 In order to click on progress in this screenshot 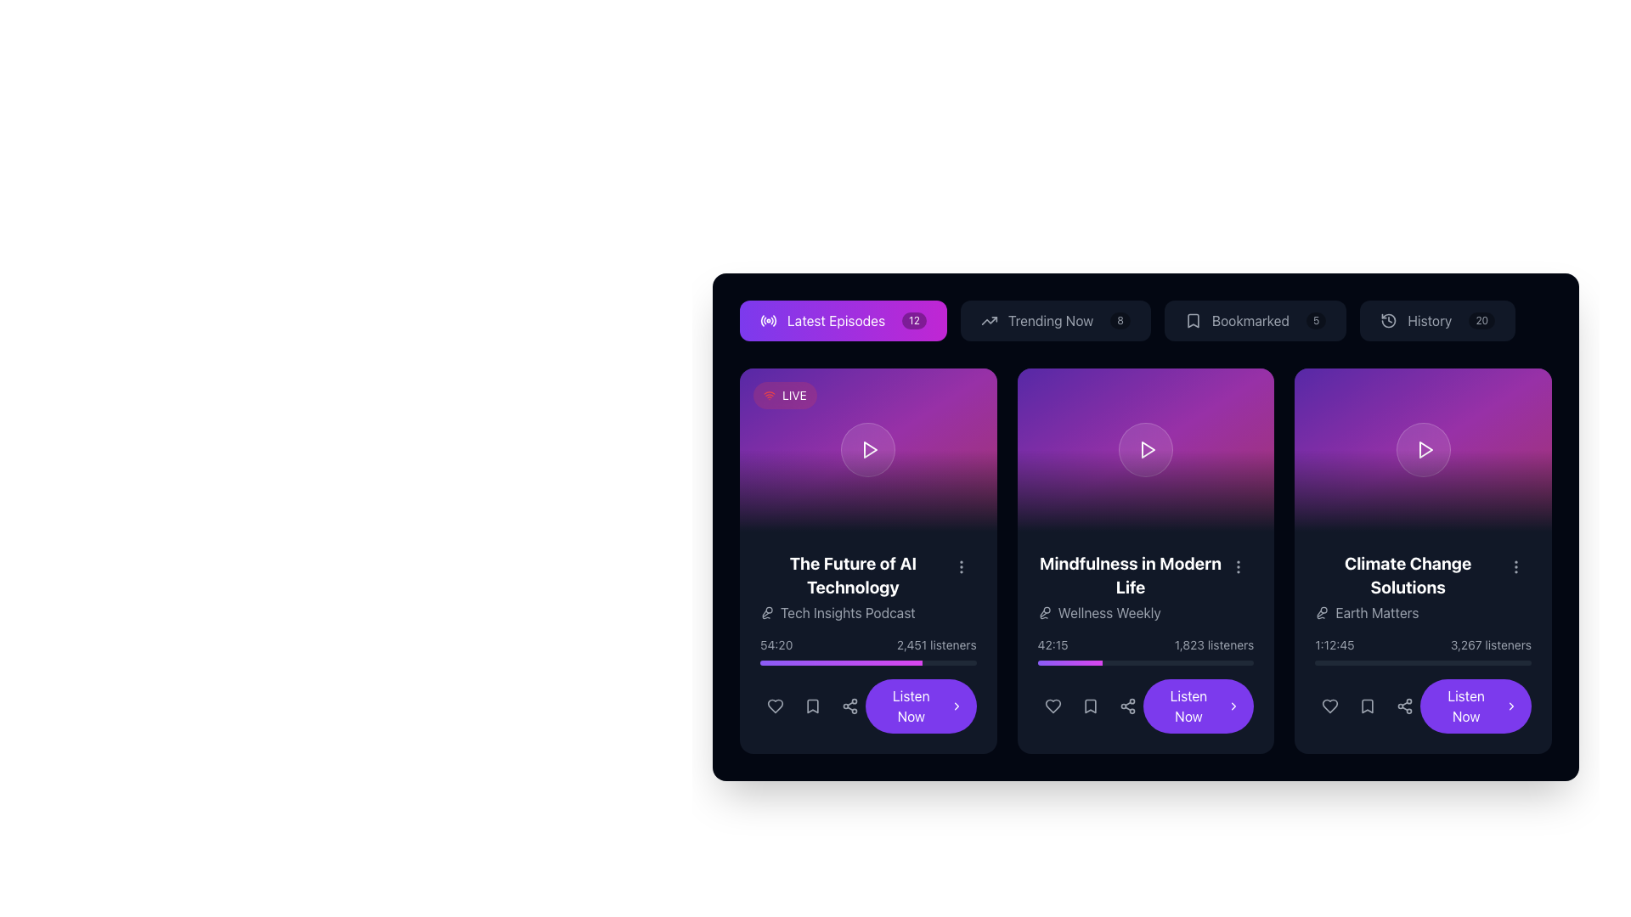, I will do `click(1088, 661)`.